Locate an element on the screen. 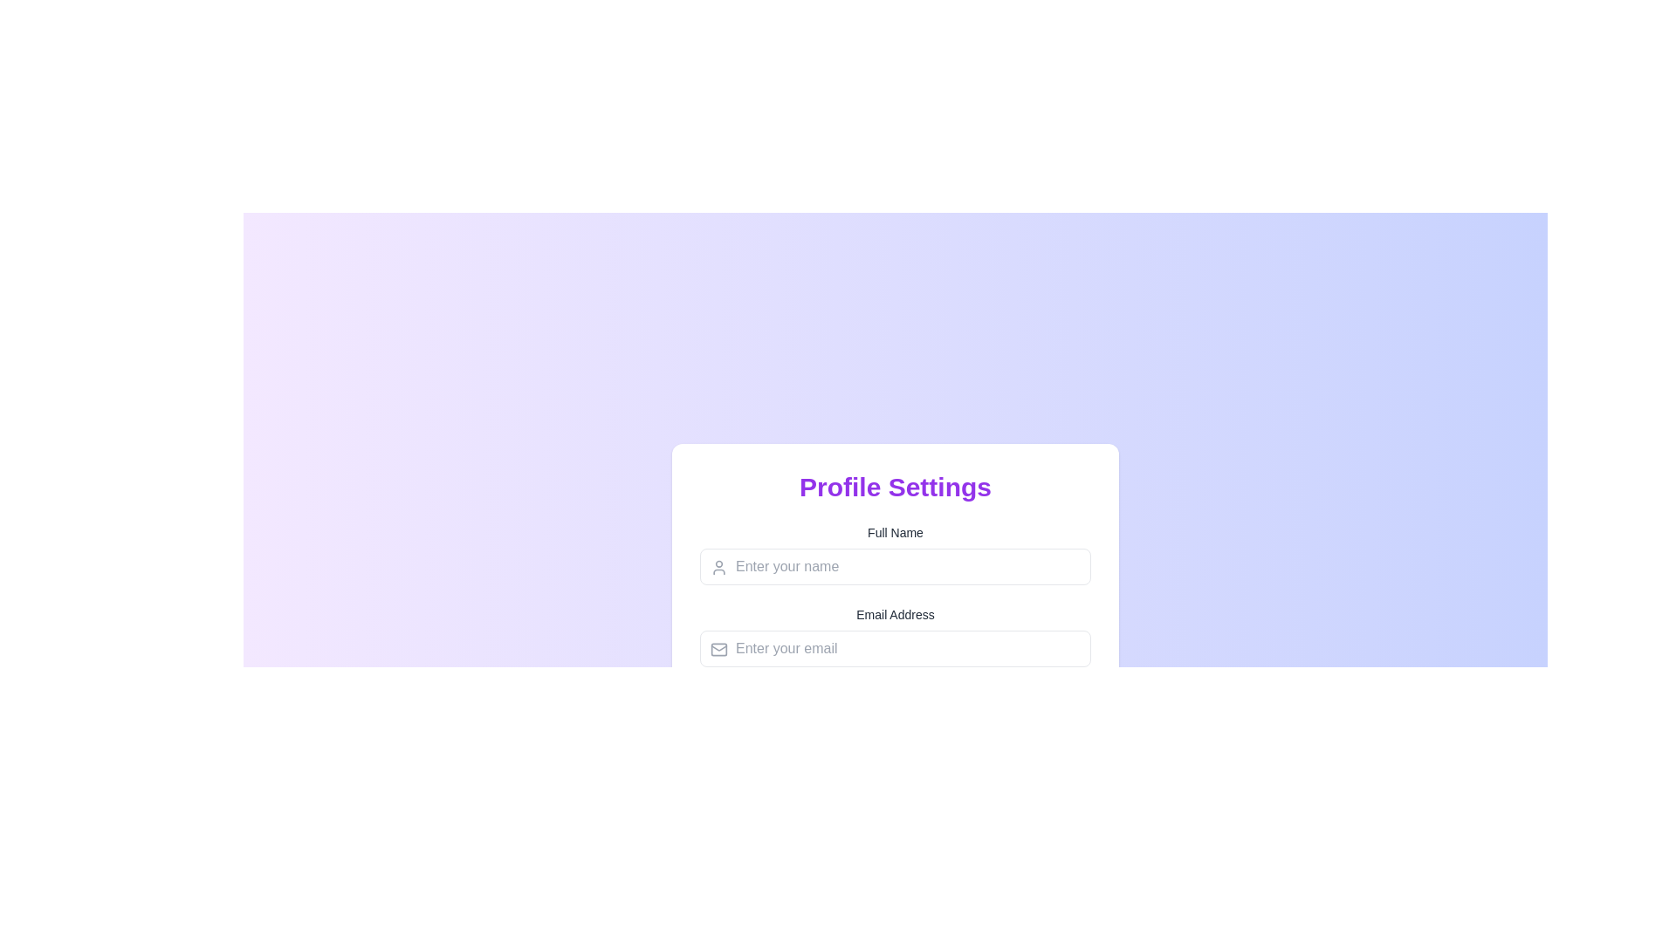  the label that provides context and description for the email input field in the 'Profile Settings' panel, located above the email input field is located at coordinates (896, 614).